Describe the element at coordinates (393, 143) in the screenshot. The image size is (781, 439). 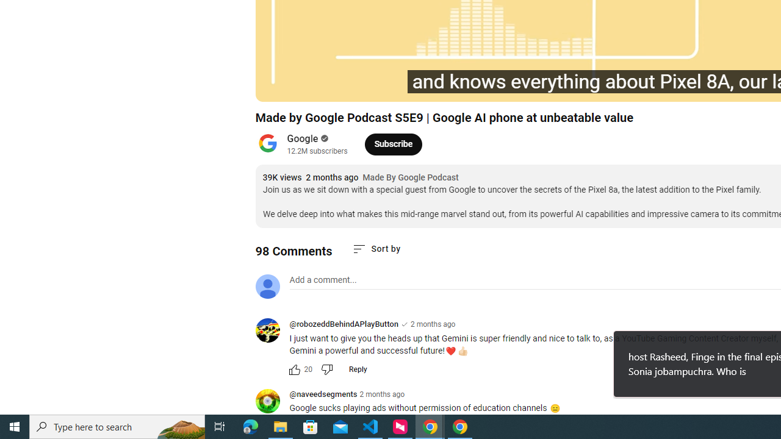
I see `'Subscribe to Google.'` at that location.